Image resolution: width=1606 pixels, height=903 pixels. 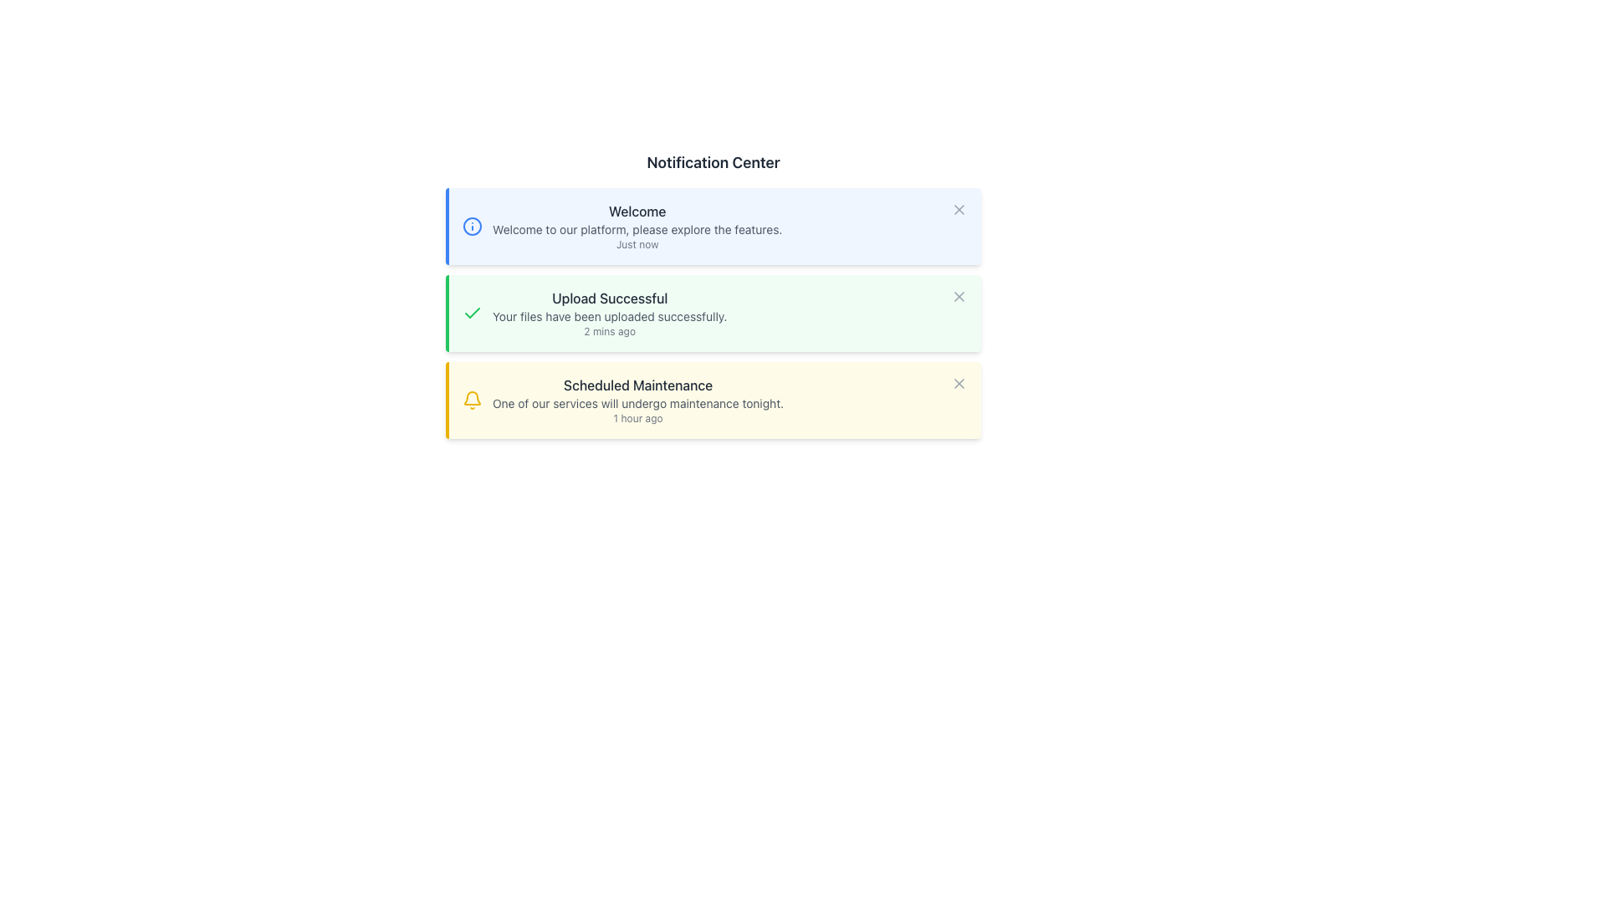 What do you see at coordinates (472, 226) in the screenshot?
I see `the circular icon with an exclamation mark, which has a blue outline and white background, located directly left of the 'Welcome' text in the notification list` at bounding box center [472, 226].